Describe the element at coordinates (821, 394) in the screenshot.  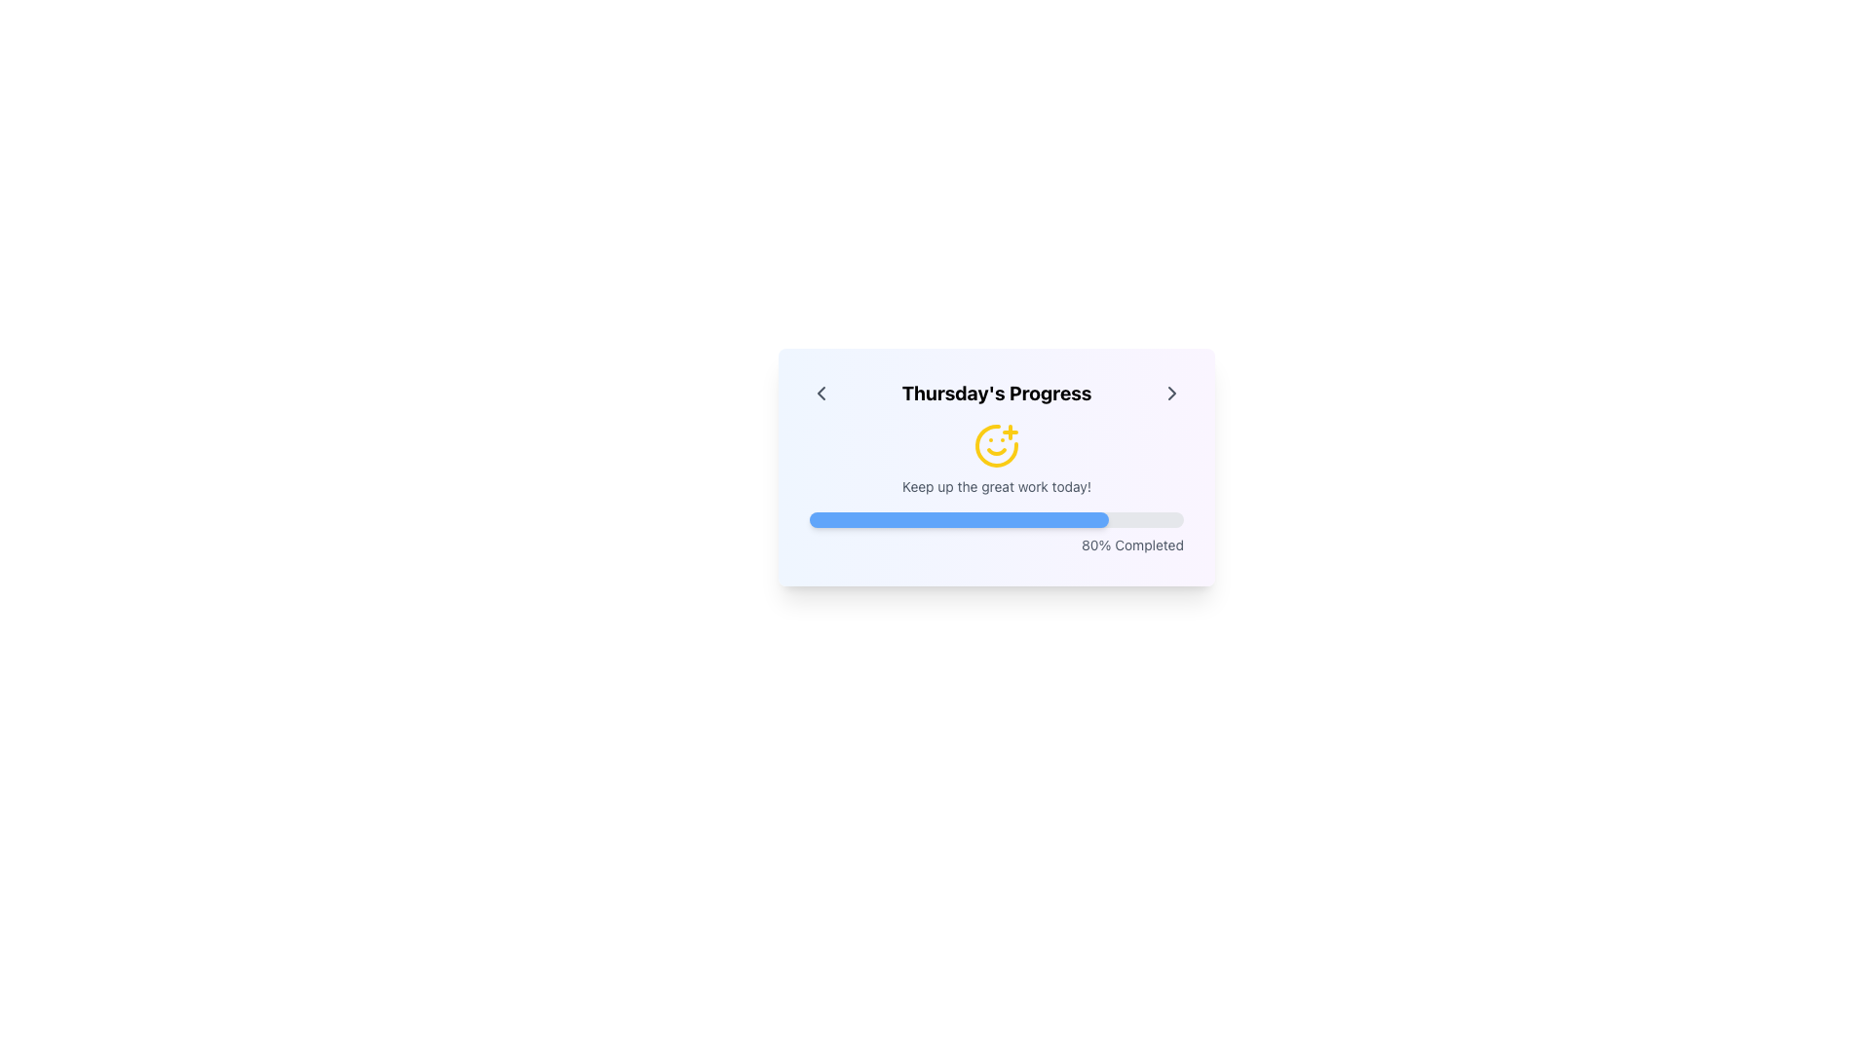
I see `the back arrow icon positioned to the left of the 'Thursday's Progress' heading` at that location.